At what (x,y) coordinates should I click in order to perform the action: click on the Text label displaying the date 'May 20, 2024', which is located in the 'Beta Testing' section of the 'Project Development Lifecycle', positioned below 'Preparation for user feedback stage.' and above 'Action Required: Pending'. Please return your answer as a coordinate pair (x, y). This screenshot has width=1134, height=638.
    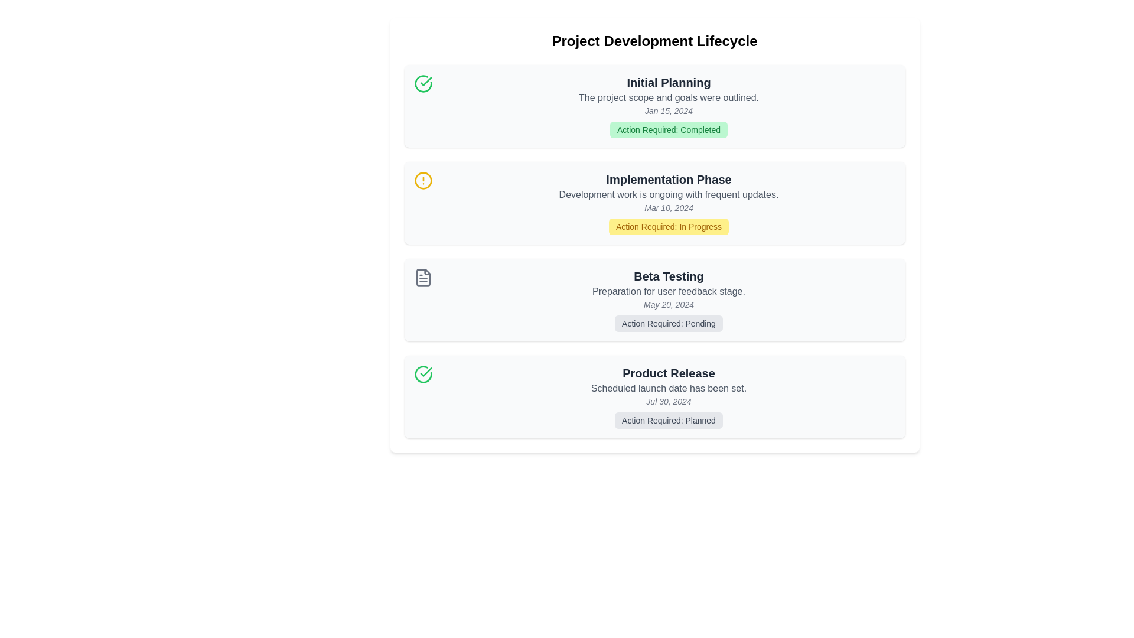
    Looking at the image, I should click on (669, 304).